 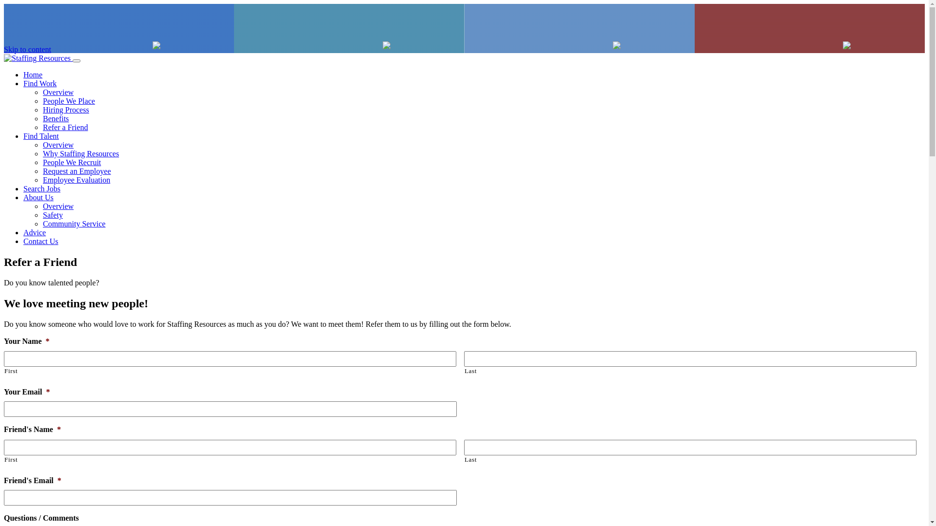 What do you see at coordinates (42, 110) in the screenshot?
I see `'Hiring Process'` at bounding box center [42, 110].